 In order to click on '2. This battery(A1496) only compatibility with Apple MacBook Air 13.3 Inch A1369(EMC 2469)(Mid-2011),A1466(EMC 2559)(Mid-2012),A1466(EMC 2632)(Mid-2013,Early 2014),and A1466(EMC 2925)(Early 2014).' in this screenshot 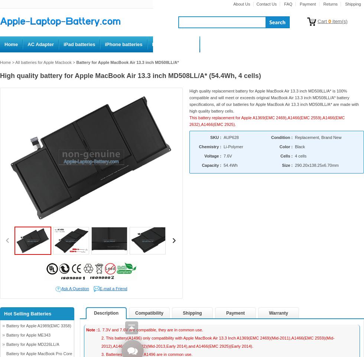, I will do `click(101, 341)`.